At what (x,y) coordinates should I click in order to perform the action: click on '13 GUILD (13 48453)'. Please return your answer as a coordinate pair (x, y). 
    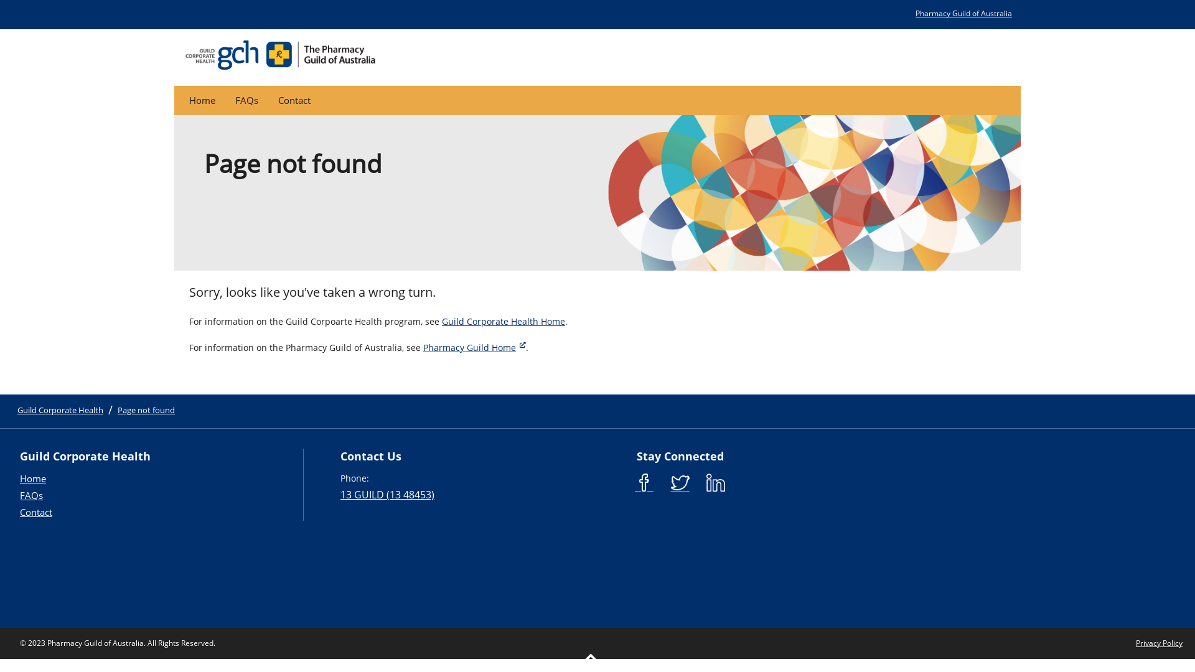
    Looking at the image, I should click on (340, 493).